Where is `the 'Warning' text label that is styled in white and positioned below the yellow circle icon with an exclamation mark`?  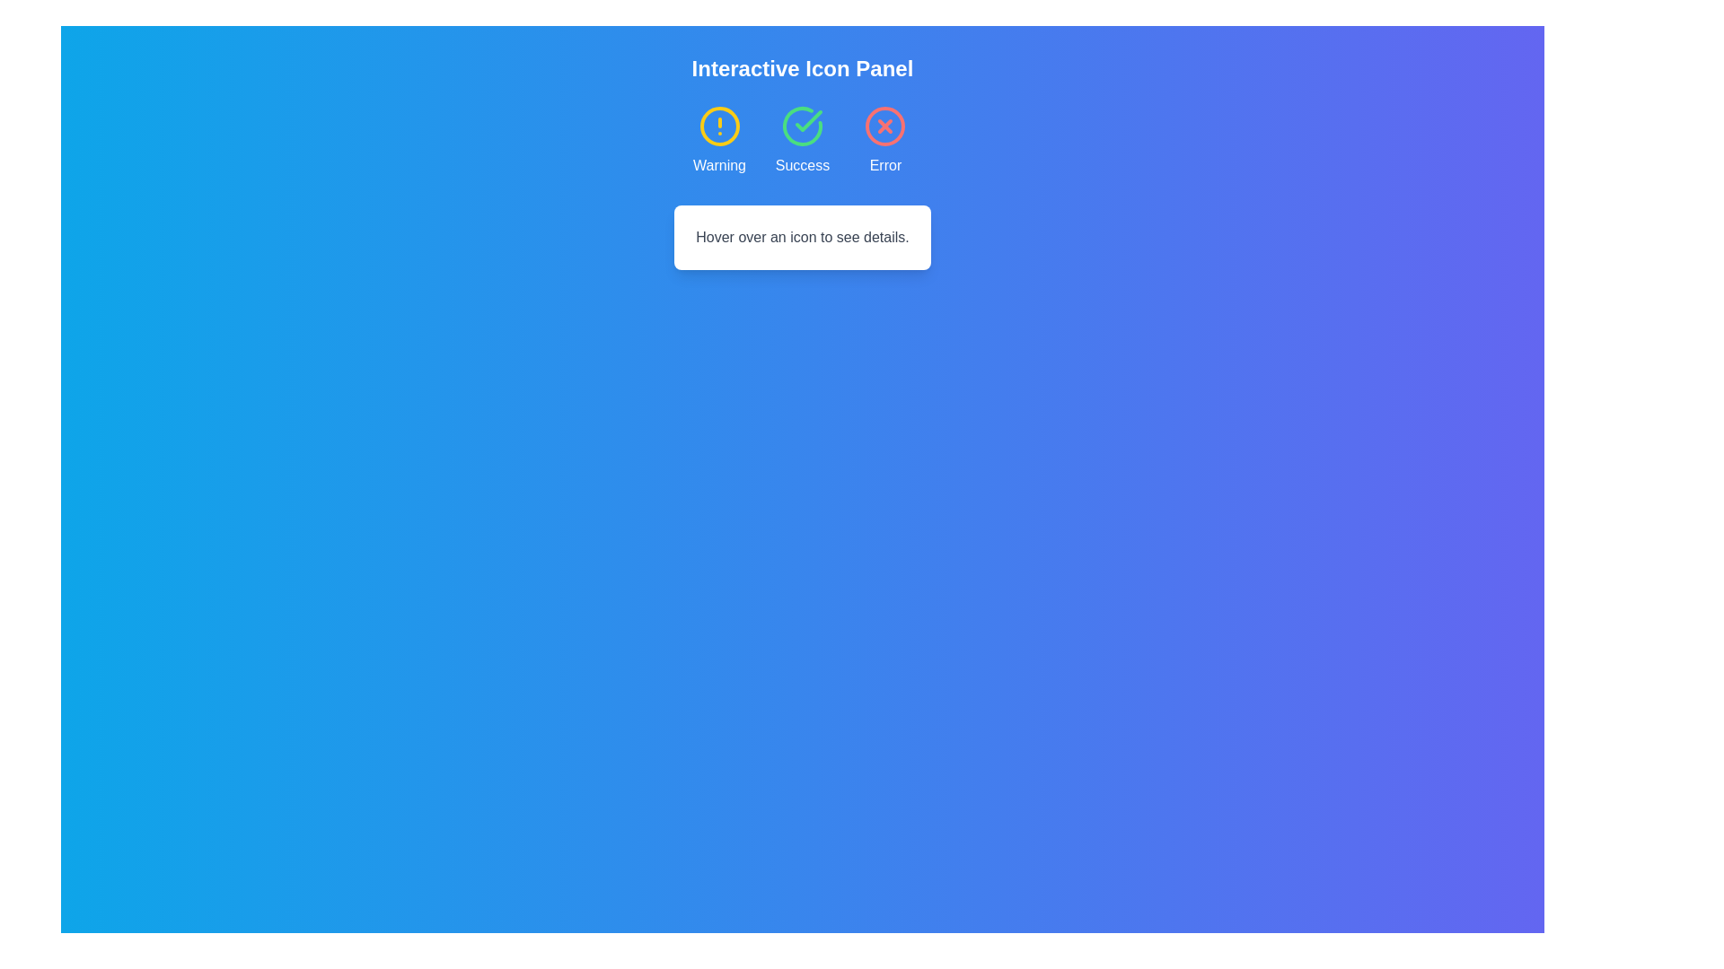 the 'Warning' text label that is styled in white and positioned below the yellow circle icon with an exclamation mark is located at coordinates (719, 166).